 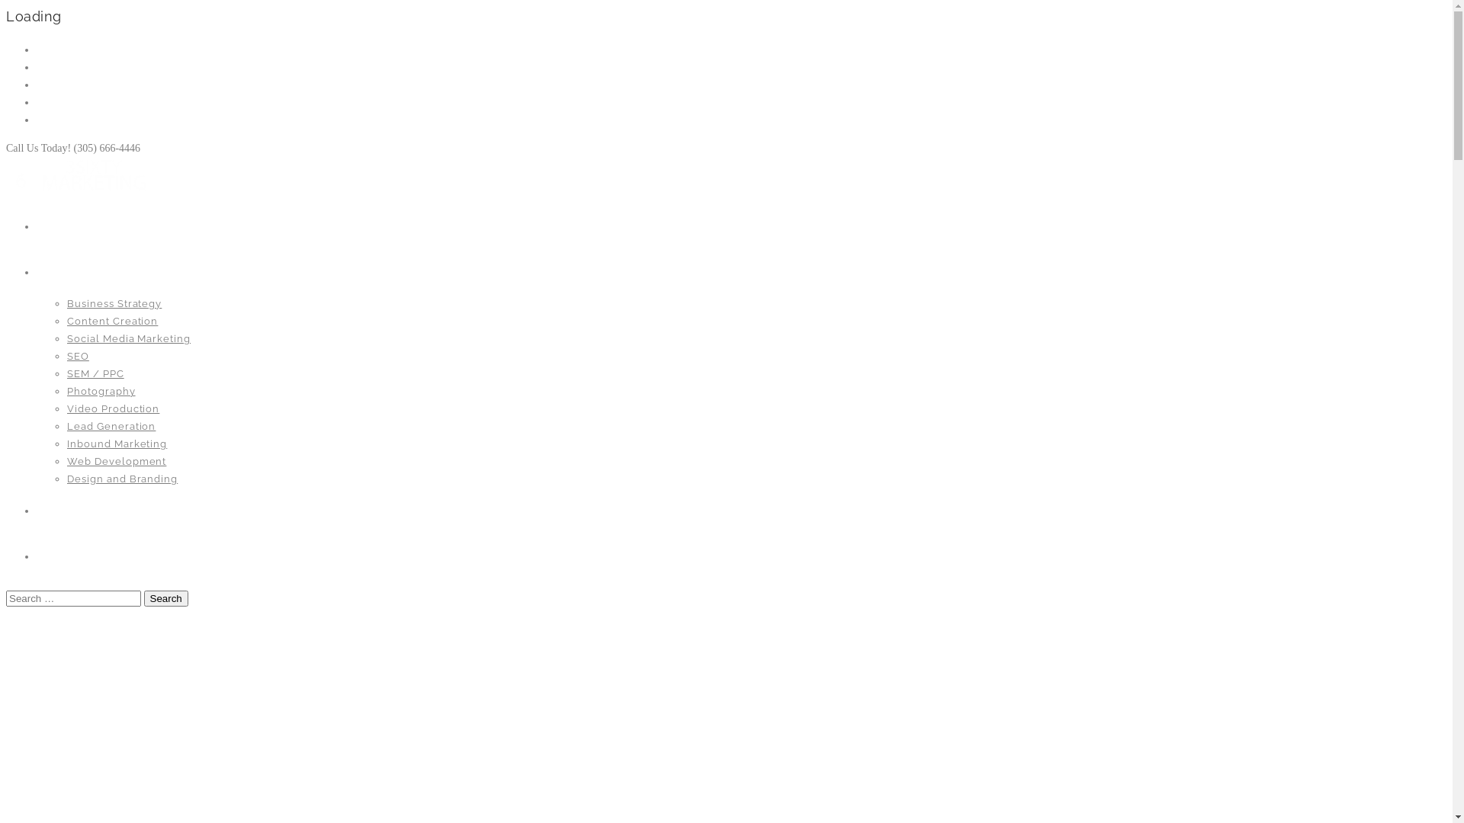 I want to click on 'Business Strategy', so click(x=113, y=303).